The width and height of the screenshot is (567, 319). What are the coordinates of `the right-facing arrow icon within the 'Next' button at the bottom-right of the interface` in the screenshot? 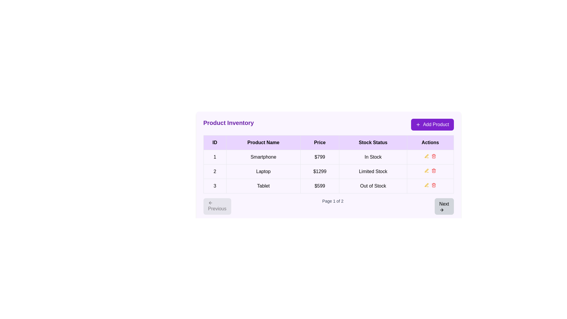 It's located at (442, 209).